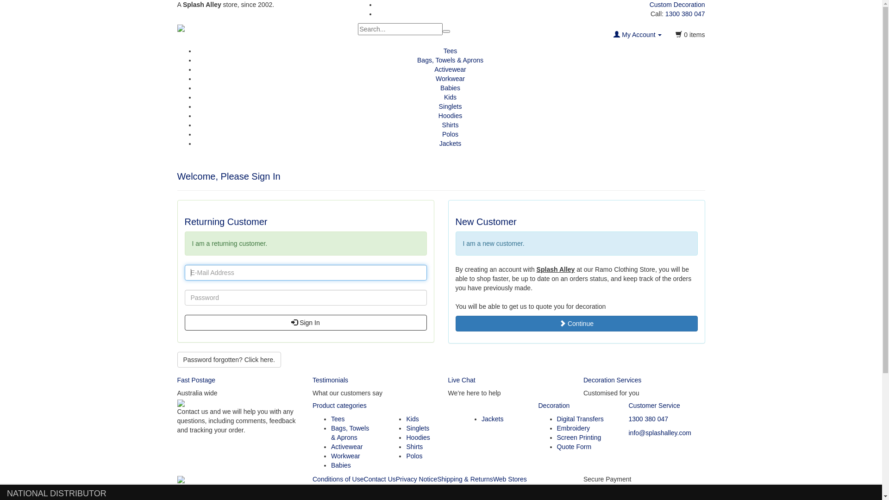  Describe the element at coordinates (629, 432) in the screenshot. I see `'info@splashalley.com'` at that location.